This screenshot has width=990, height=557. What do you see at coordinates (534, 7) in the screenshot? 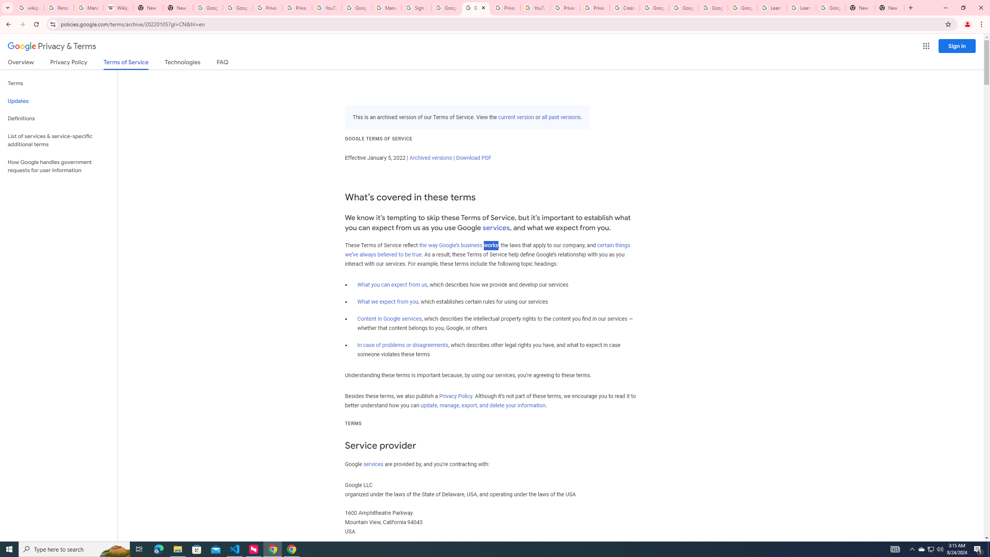
I see `'YouTube'` at bounding box center [534, 7].